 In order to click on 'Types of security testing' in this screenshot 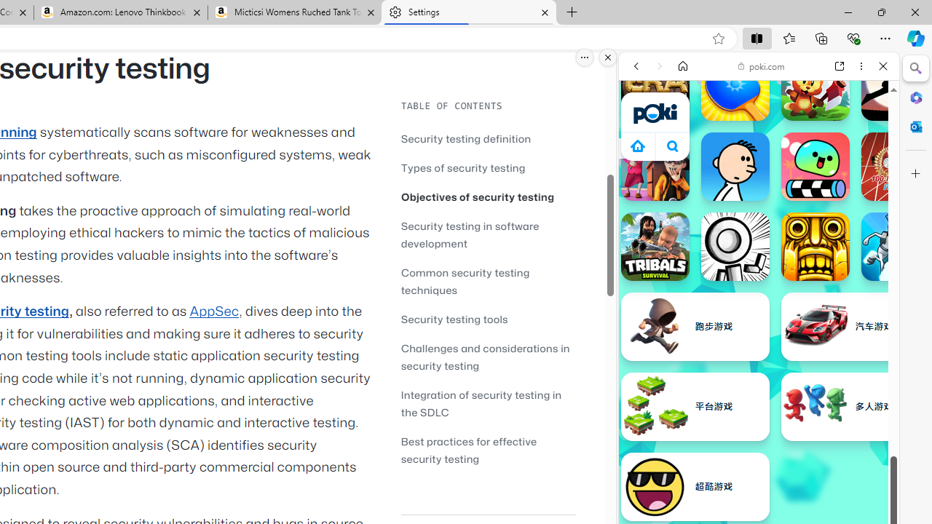, I will do `click(488, 167)`.